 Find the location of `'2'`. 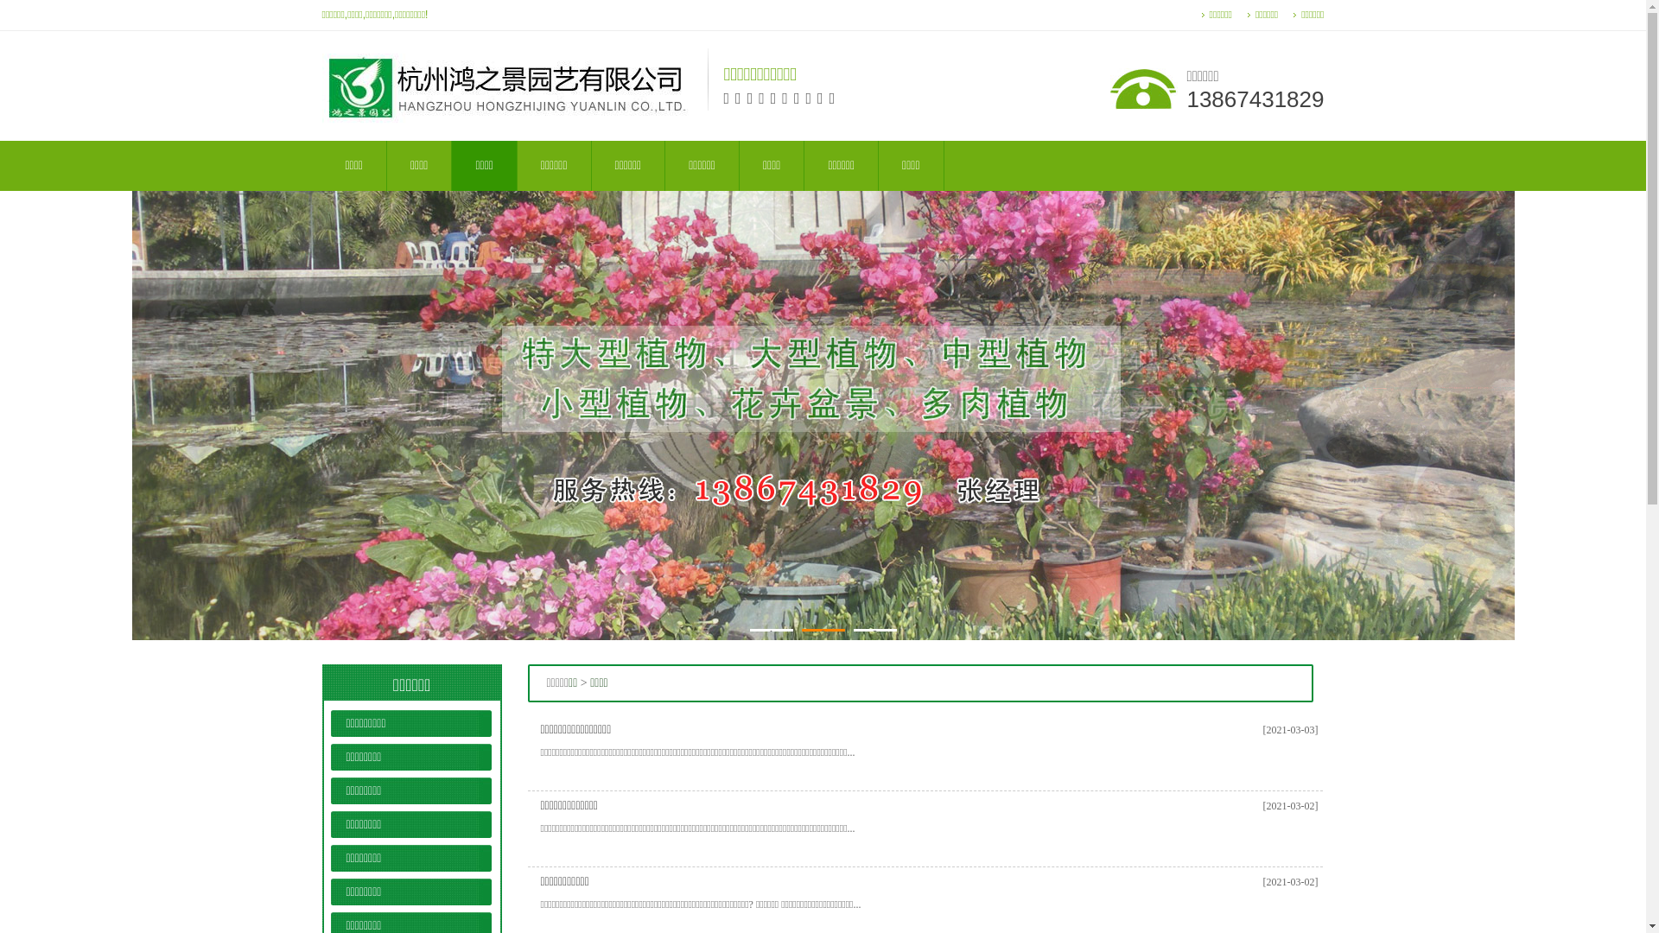

'2' is located at coordinates (800, 630).